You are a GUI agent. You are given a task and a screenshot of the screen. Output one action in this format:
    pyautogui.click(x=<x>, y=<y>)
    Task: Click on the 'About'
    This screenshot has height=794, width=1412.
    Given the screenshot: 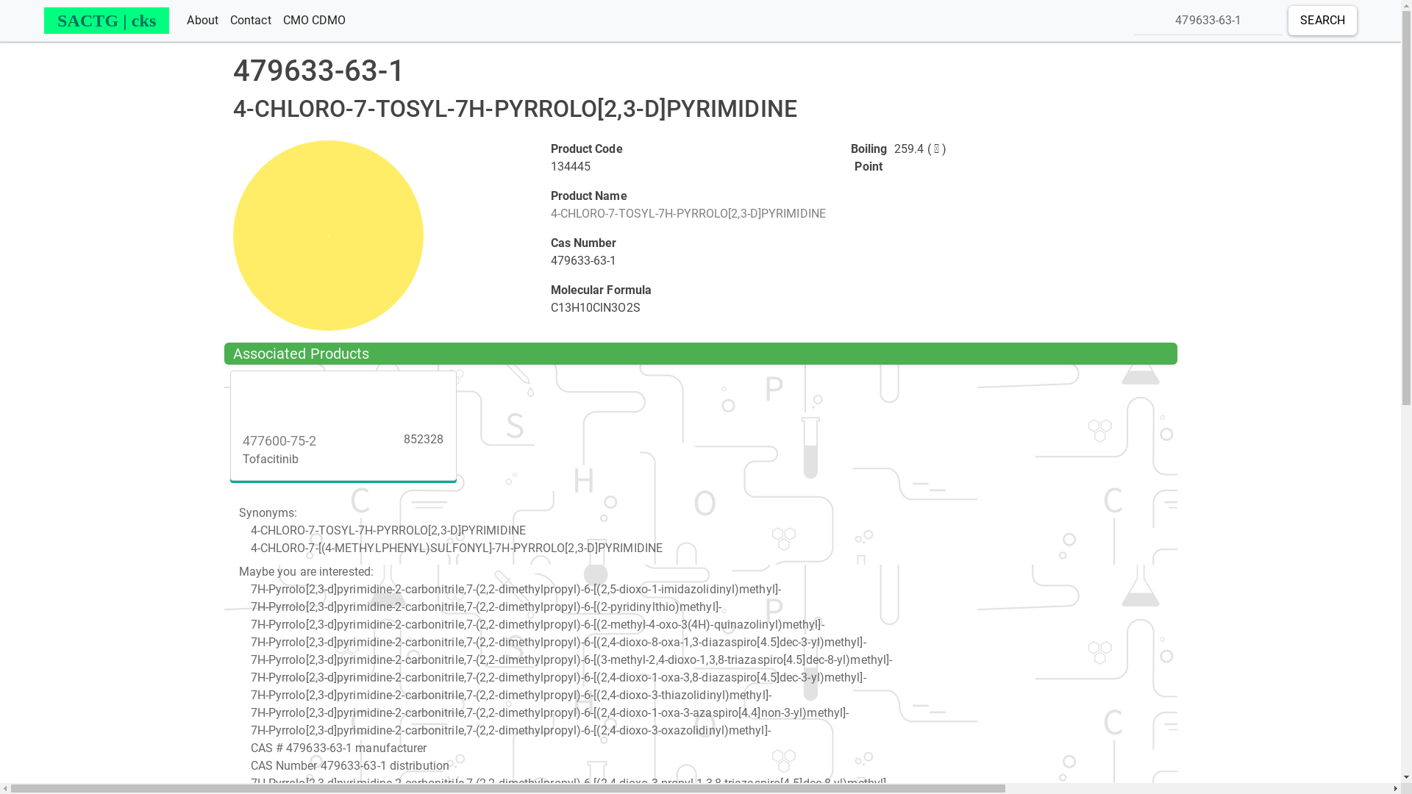 What is the action you would take?
    pyautogui.click(x=202, y=21)
    